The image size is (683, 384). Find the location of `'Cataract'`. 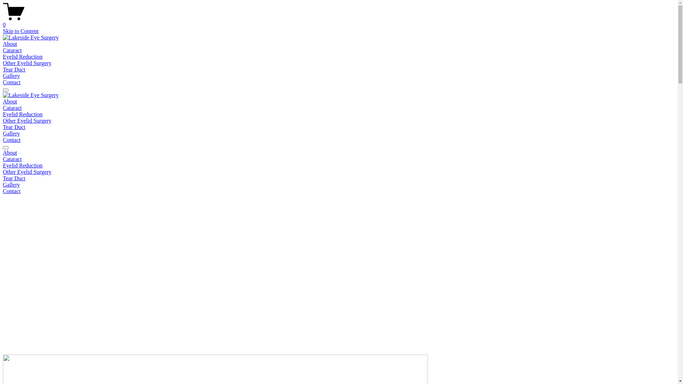

'Cataract' is located at coordinates (12, 50).